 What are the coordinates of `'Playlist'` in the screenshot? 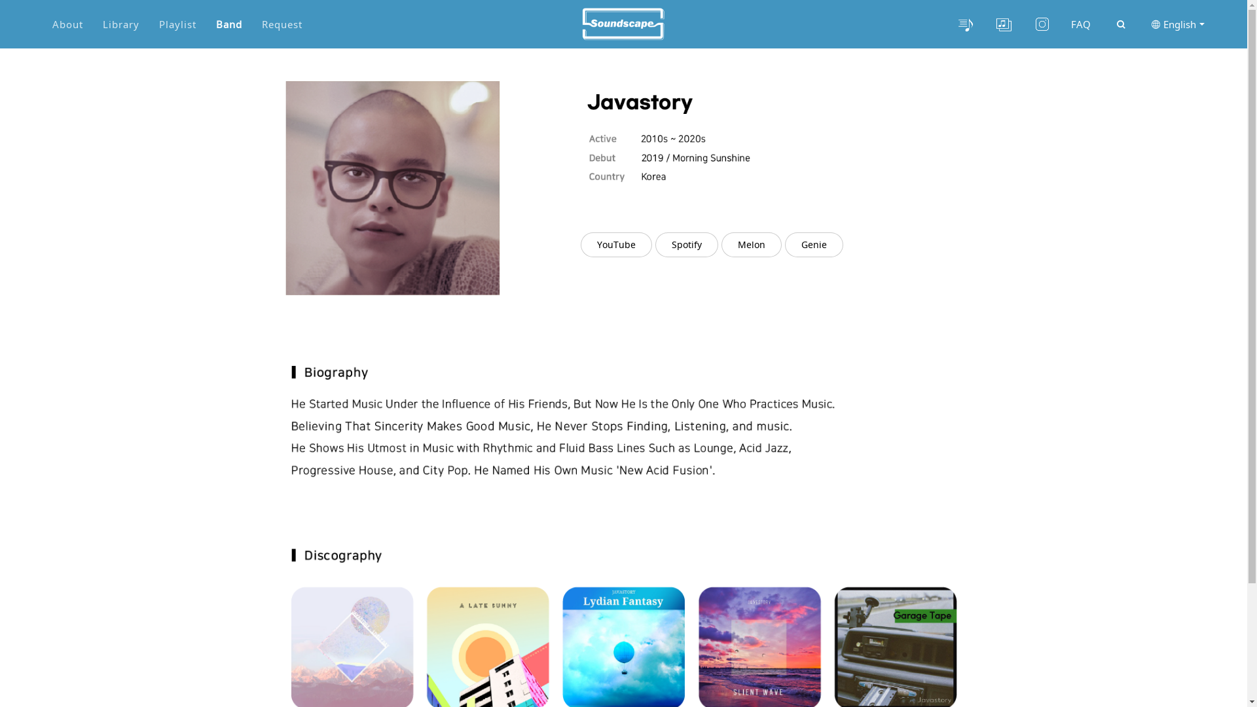 It's located at (177, 24).